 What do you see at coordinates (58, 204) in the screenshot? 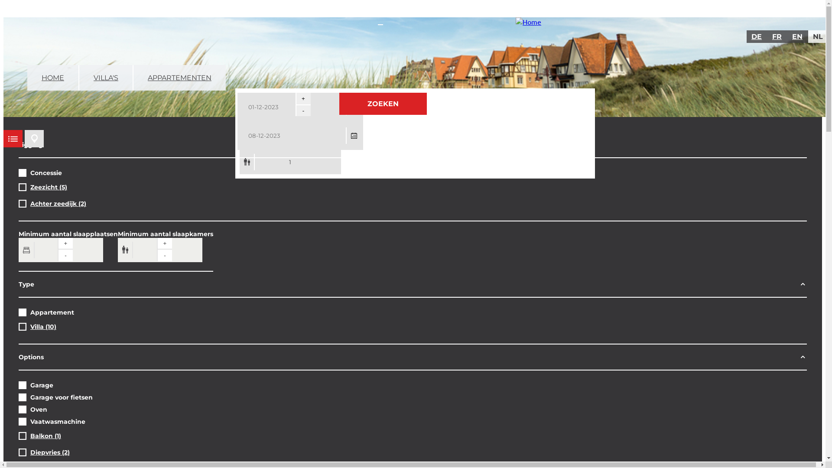
I see `'Achter zeedijk (2)` at bounding box center [58, 204].